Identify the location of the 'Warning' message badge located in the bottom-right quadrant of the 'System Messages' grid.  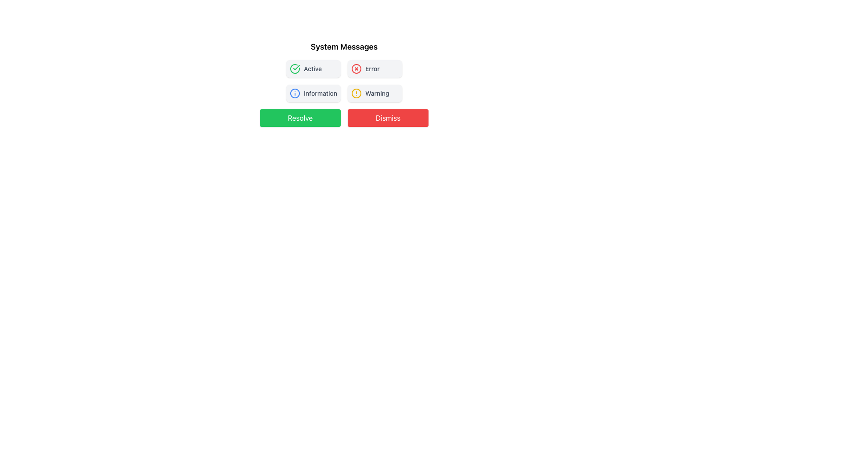
(375, 93).